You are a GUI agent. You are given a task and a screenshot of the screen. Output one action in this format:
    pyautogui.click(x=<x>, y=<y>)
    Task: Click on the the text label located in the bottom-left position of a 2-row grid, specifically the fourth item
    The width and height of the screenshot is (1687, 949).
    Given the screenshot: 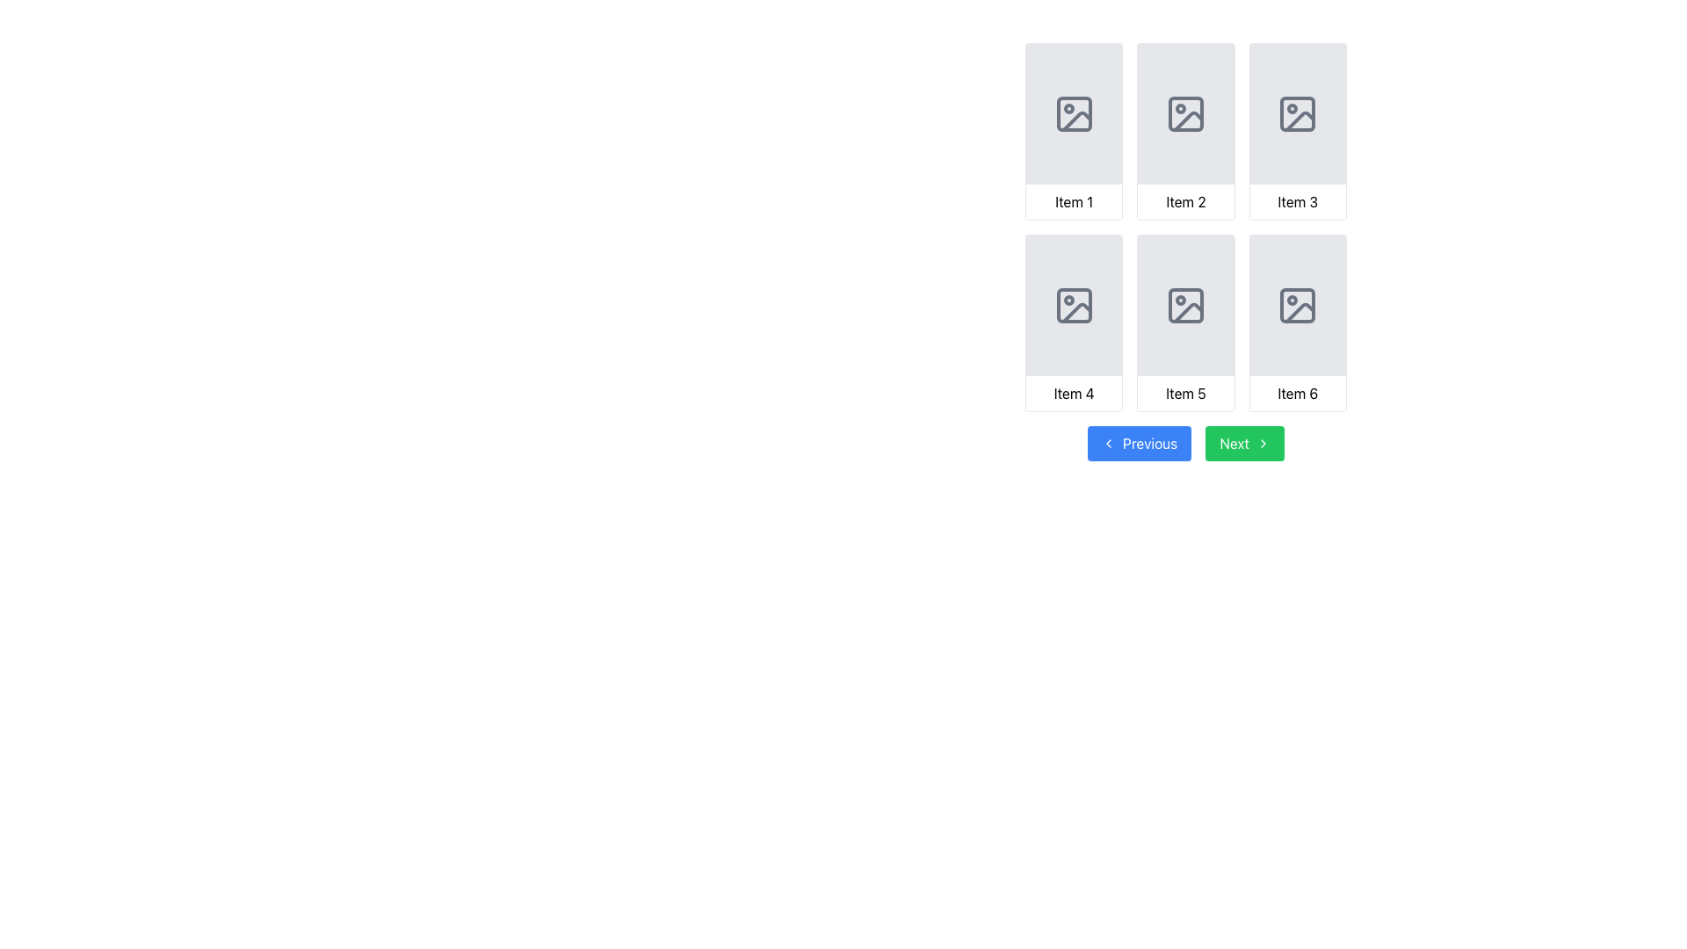 What is the action you would take?
    pyautogui.click(x=1073, y=392)
    